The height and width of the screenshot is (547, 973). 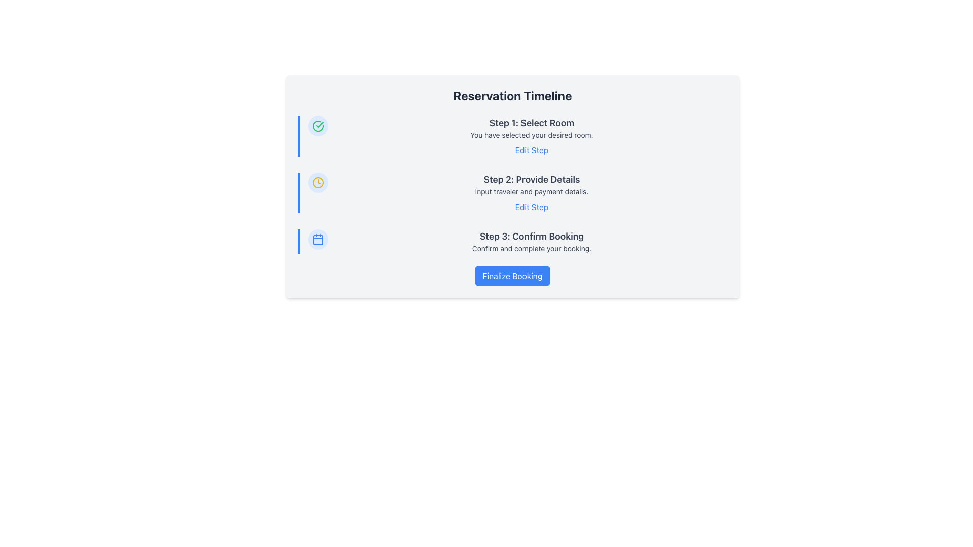 What do you see at coordinates (512, 276) in the screenshot?
I see `the distinct call-to-action button that finalizes the booking process` at bounding box center [512, 276].